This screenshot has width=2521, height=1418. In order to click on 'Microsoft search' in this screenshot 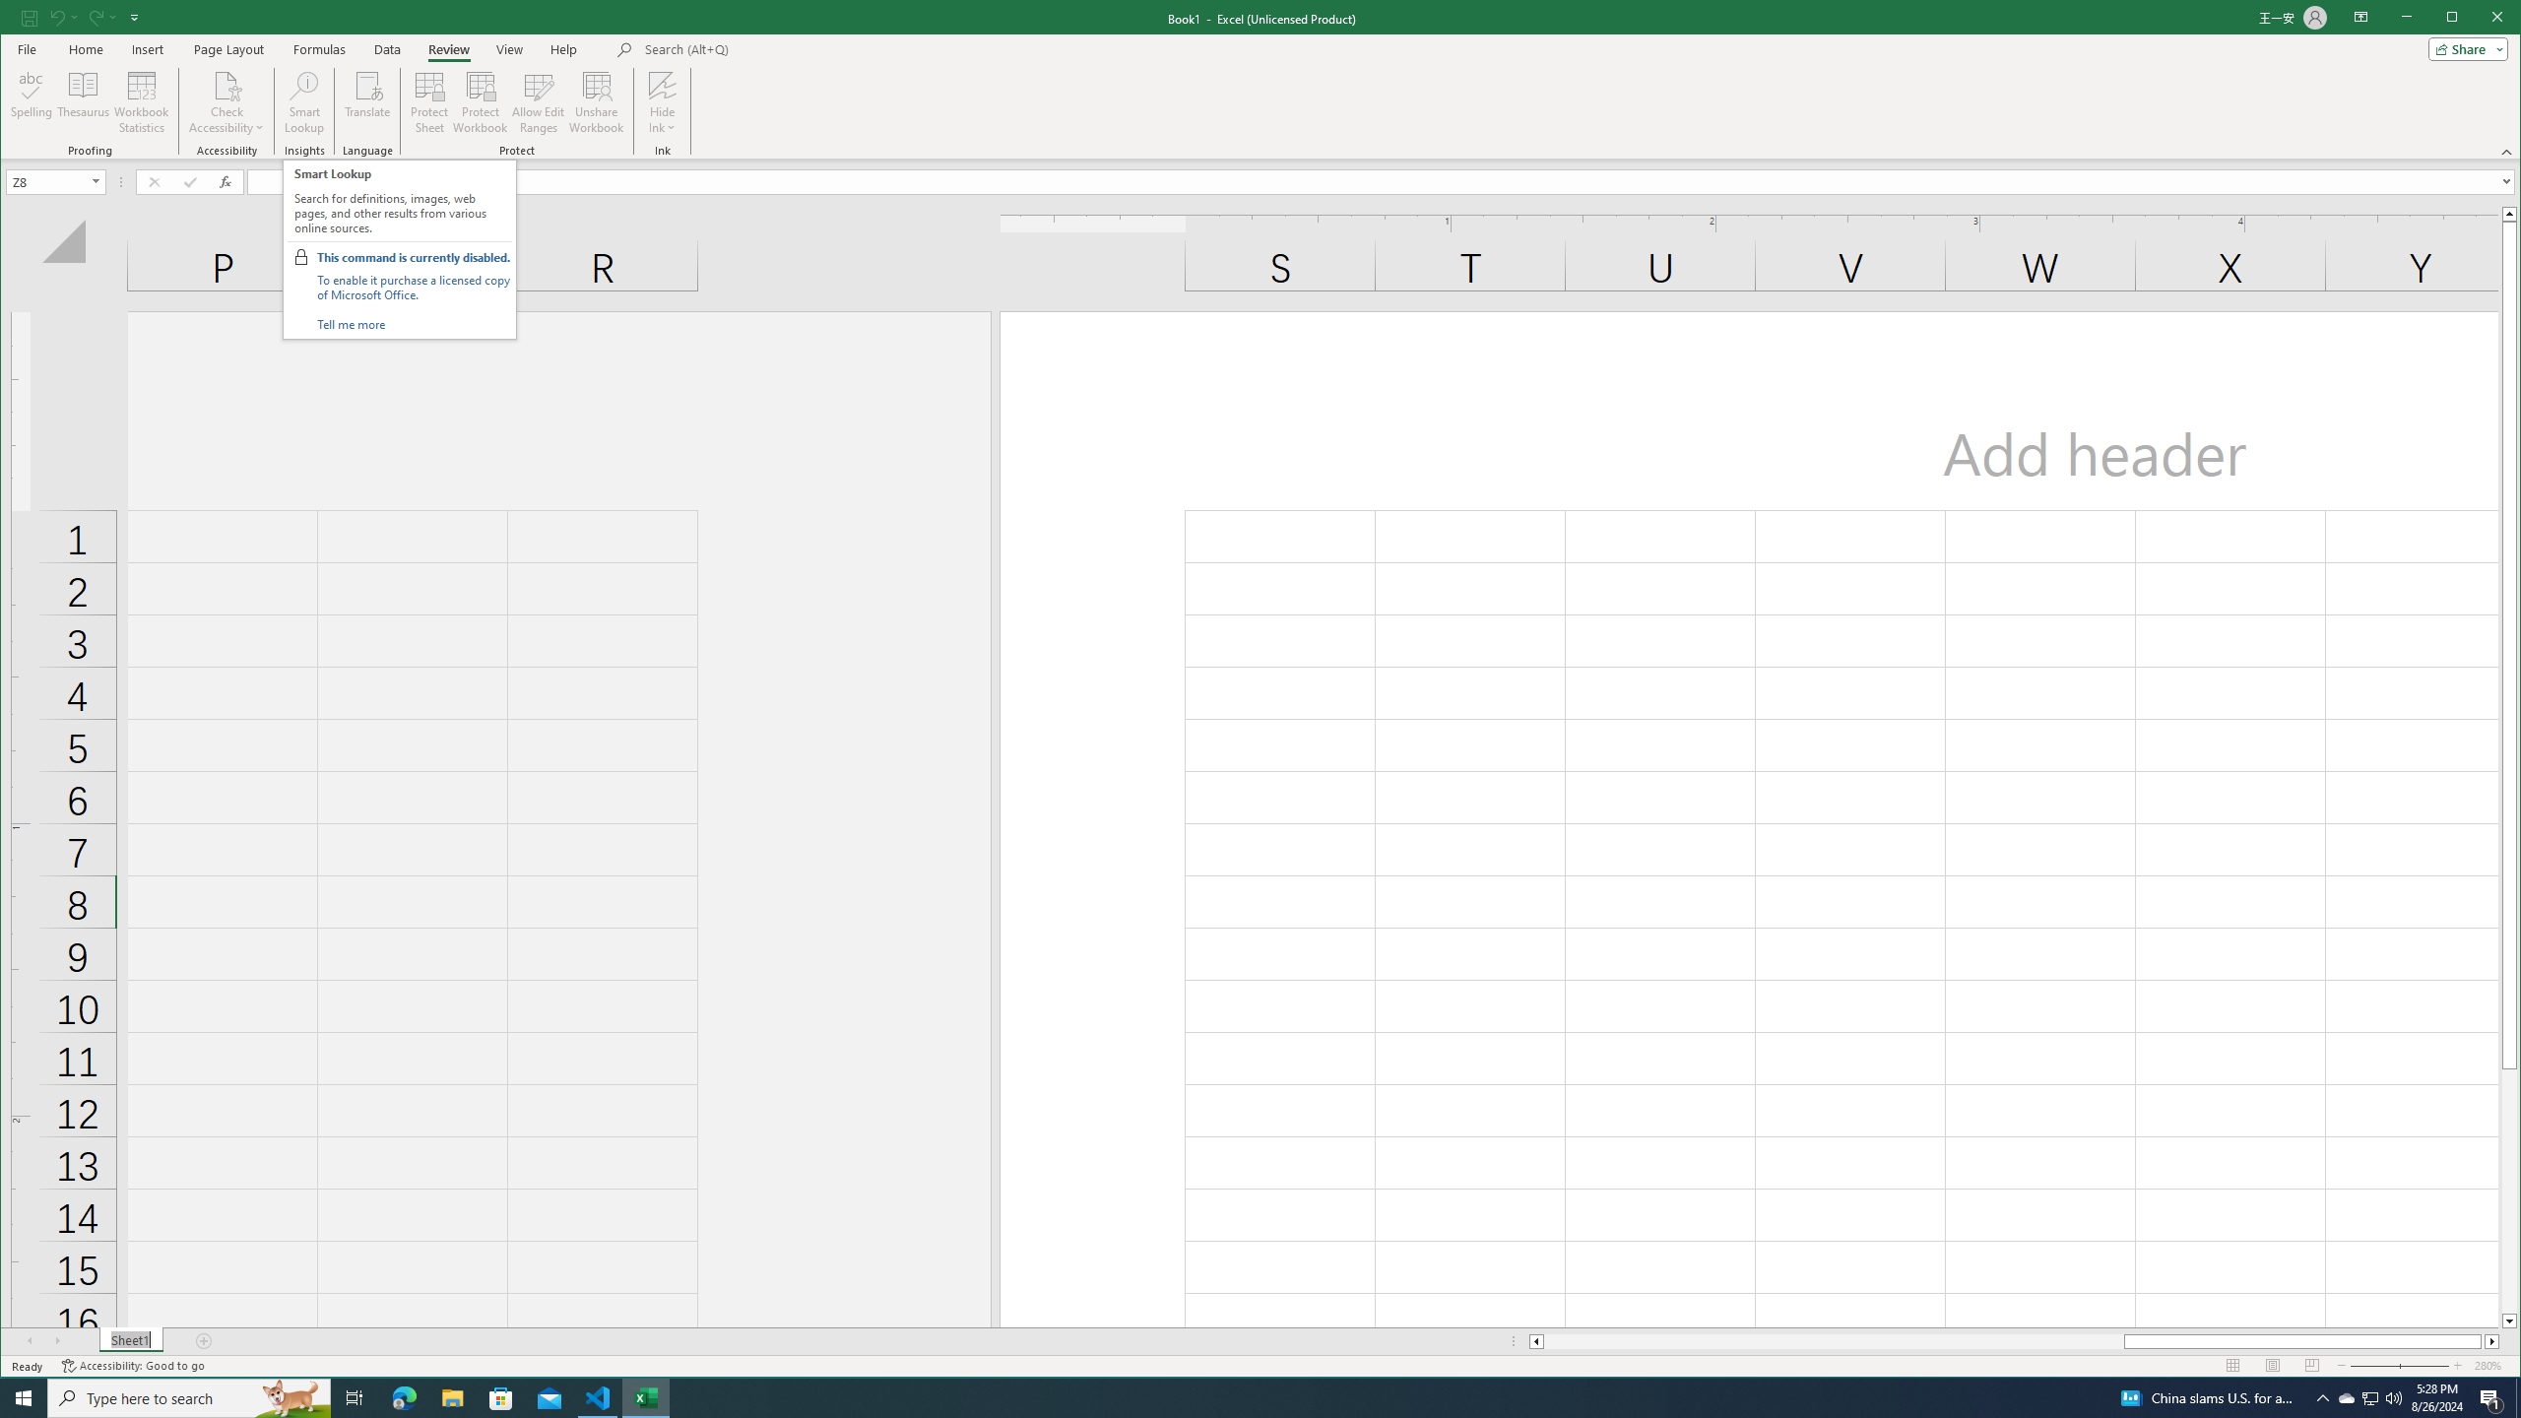, I will do `click(780, 48)`.